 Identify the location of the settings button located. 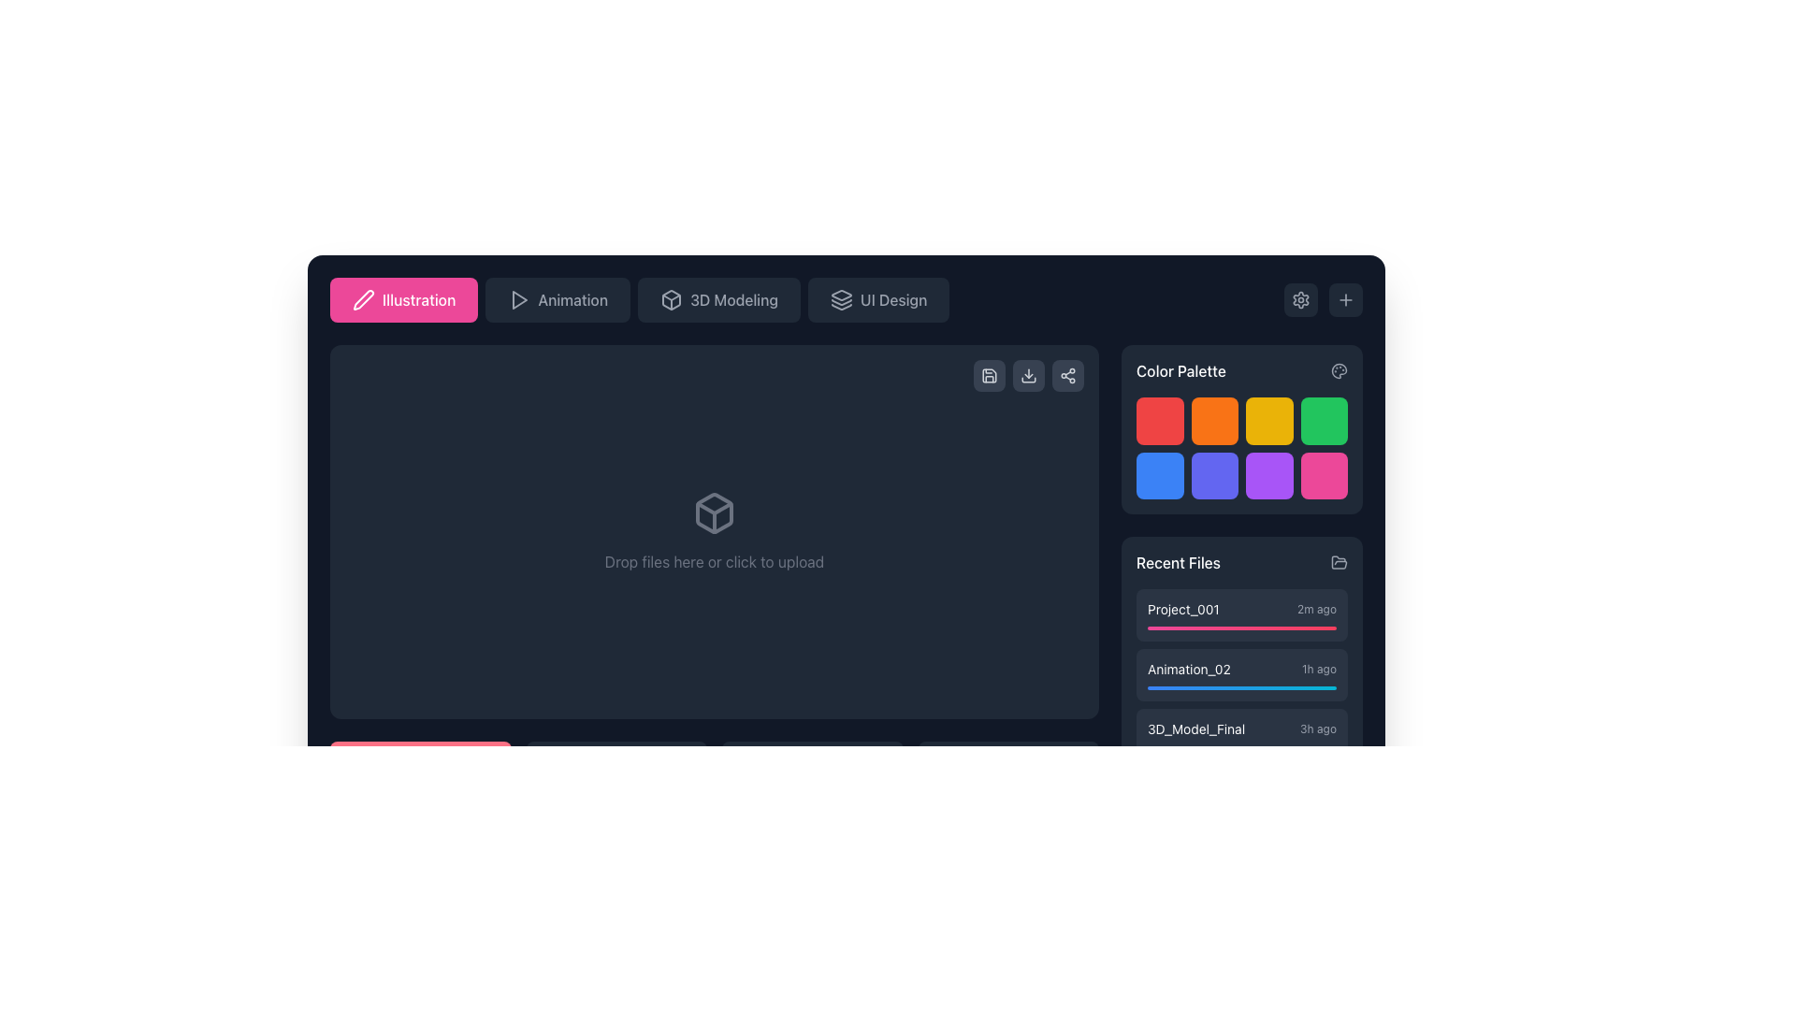
(1300, 298).